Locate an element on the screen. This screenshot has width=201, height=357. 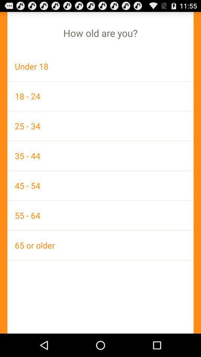
under 18 app is located at coordinates (100, 66).